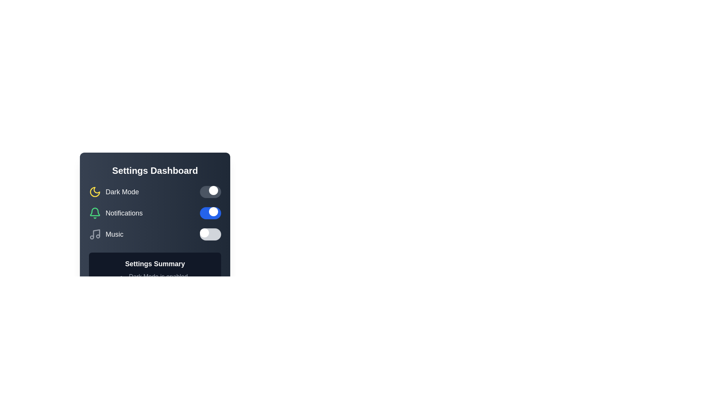 Image resolution: width=727 pixels, height=409 pixels. What do you see at coordinates (154, 286) in the screenshot?
I see `textual information from the second item in the list under the headline 'Settings Summary', which states 'Notifications are enabled.'` at bounding box center [154, 286].